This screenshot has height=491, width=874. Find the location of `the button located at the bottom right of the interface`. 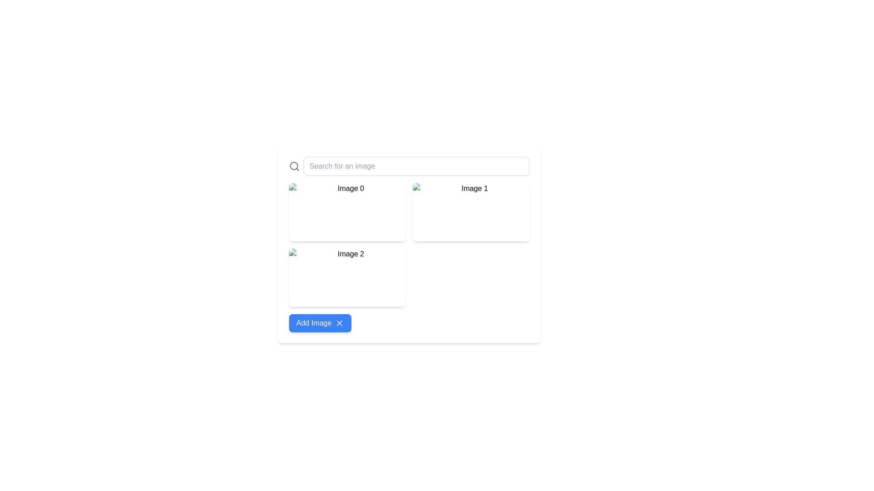

the button located at the bottom right of the interface is located at coordinates (320, 322).